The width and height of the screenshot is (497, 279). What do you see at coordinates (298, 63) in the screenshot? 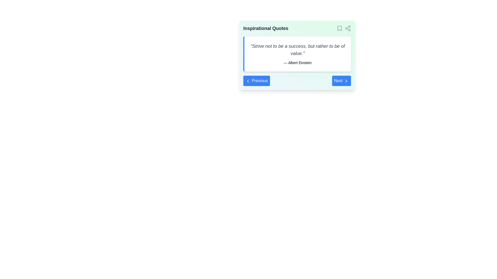
I see `the text label that attributes the preceding quote to 'Albert Einstein', located at the bottom-right corner beneath the quotation text` at bounding box center [298, 63].